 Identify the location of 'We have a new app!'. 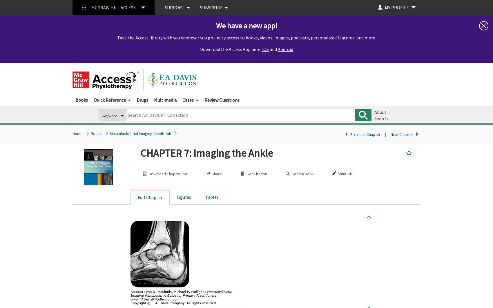
(246, 25).